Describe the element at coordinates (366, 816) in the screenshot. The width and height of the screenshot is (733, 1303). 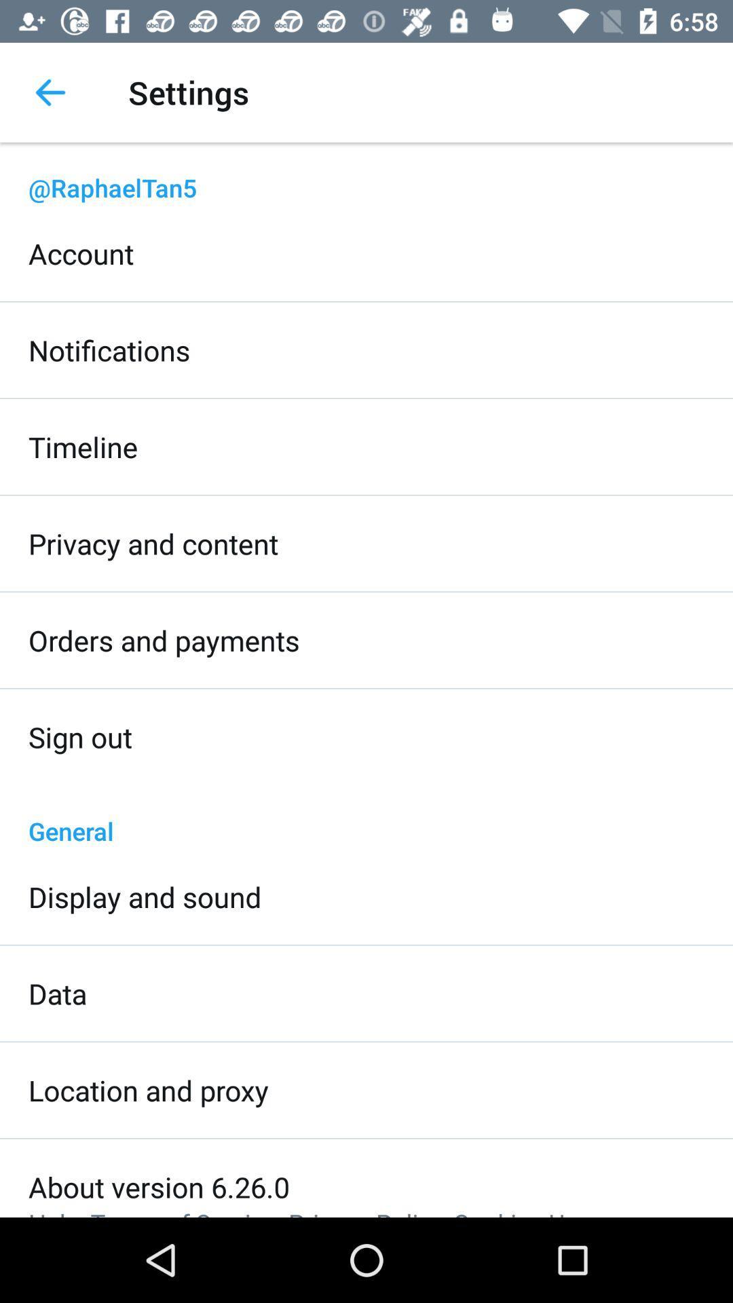
I see `the item at the center` at that location.